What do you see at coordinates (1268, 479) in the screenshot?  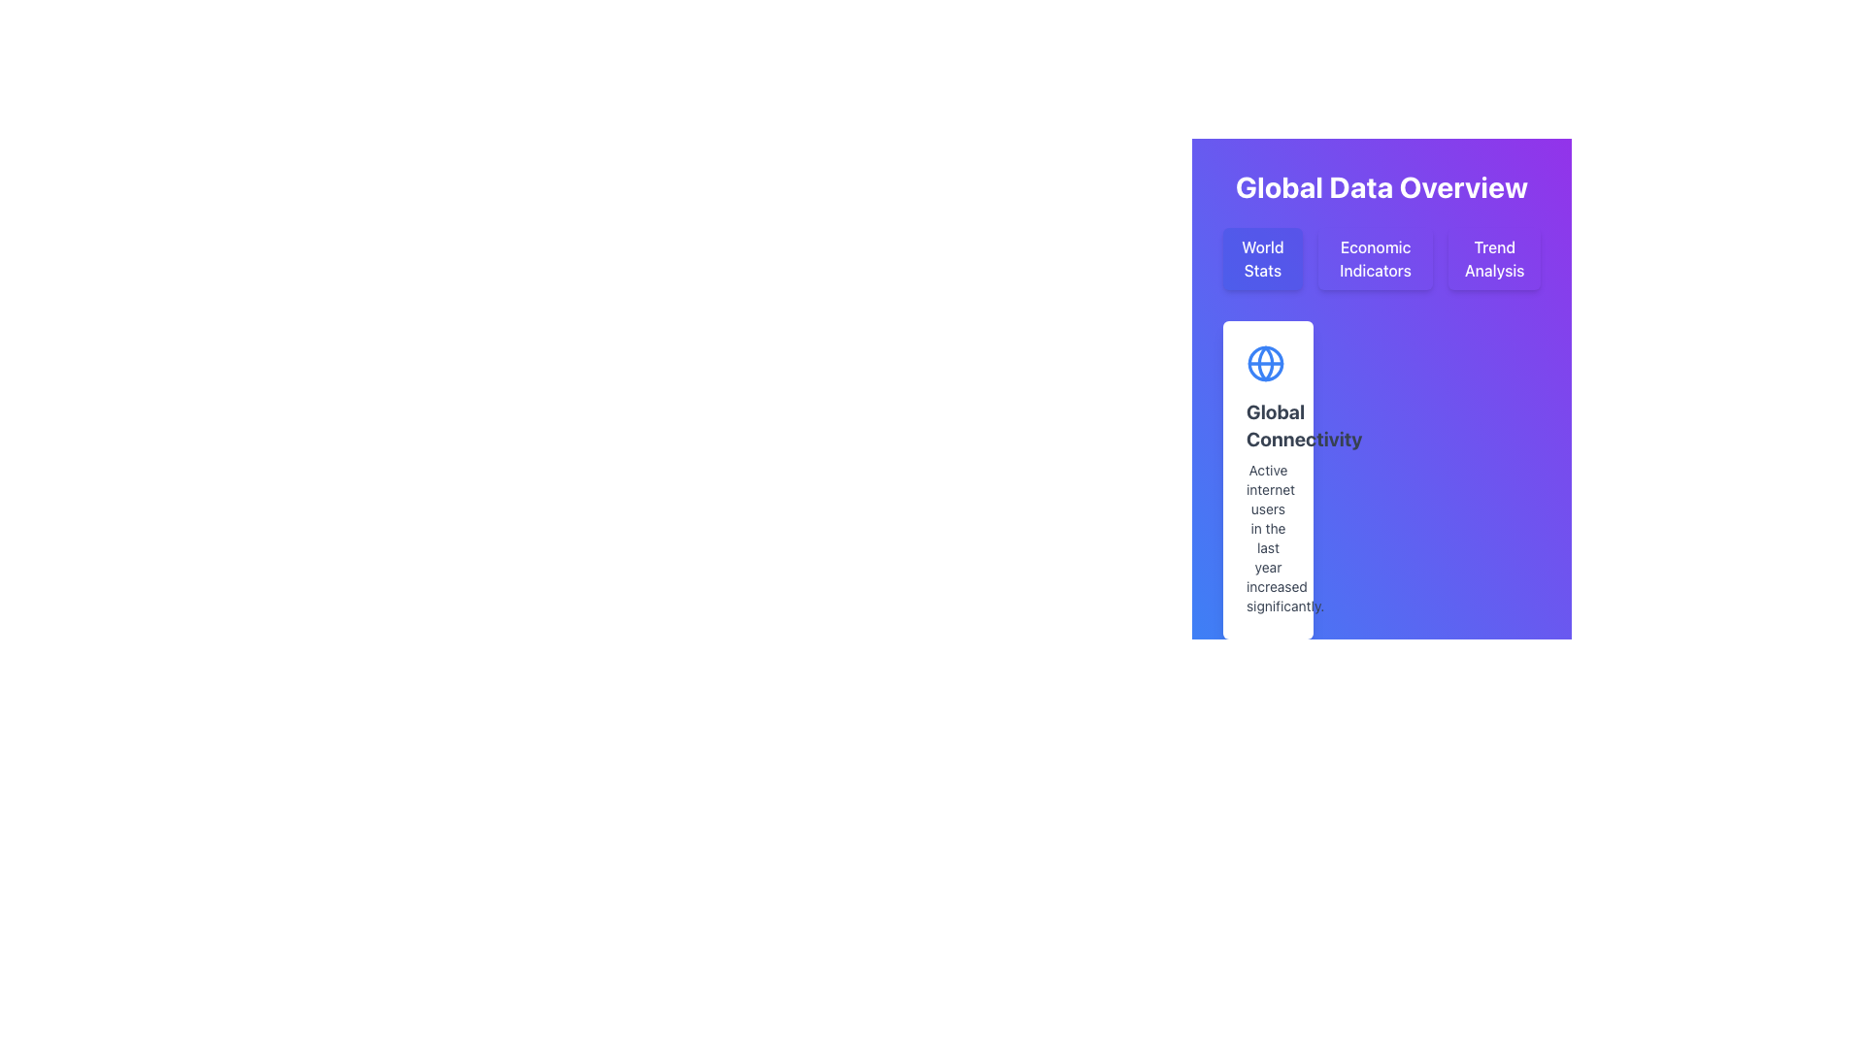 I see `the non-interactive Informational Card that highlights a statistic related to global connectivity, located in the top-left corner of the grid layout` at bounding box center [1268, 479].